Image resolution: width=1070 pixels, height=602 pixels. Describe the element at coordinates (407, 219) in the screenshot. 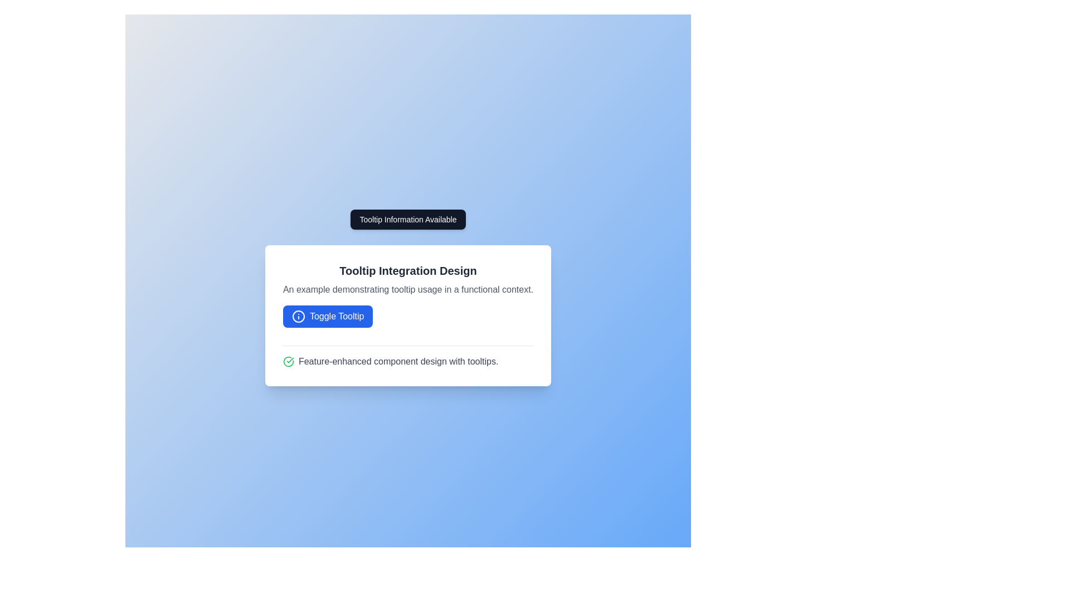

I see `text displayed in the tooltip with dark gray background and white text reading 'Tooltip Information Available', located above the 'Toggle Tooltip' button` at that location.